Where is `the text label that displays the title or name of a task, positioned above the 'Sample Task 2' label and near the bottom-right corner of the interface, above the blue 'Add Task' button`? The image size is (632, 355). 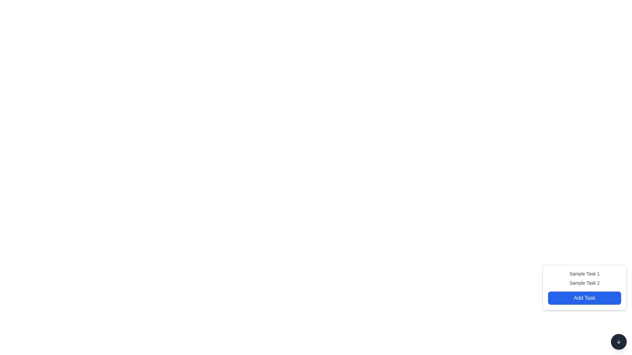 the text label that displays the title or name of a task, positioned above the 'Sample Task 2' label and near the bottom-right corner of the interface, above the blue 'Add Task' button is located at coordinates (585, 274).